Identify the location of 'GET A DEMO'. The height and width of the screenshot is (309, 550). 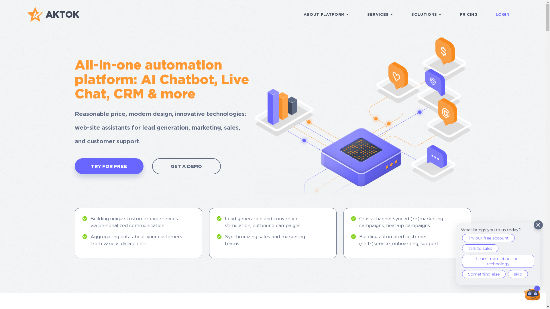
(152, 166).